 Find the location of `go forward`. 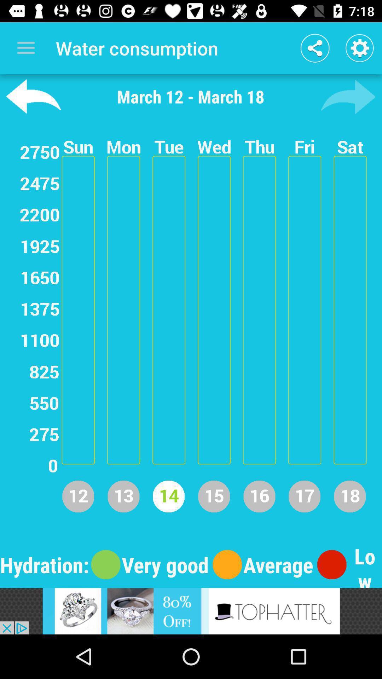

go forward is located at coordinates (348, 96).